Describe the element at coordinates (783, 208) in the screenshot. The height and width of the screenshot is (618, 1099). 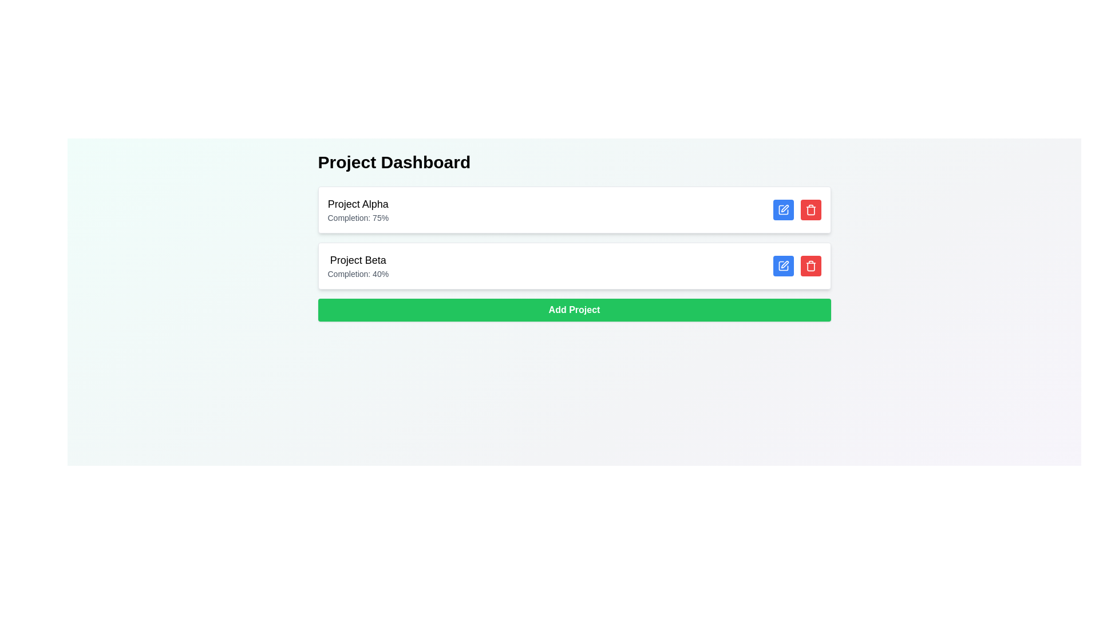
I see `the Vector icon (pen icon) located to the immediate left of the red trash icon in the topmost project entry` at that location.